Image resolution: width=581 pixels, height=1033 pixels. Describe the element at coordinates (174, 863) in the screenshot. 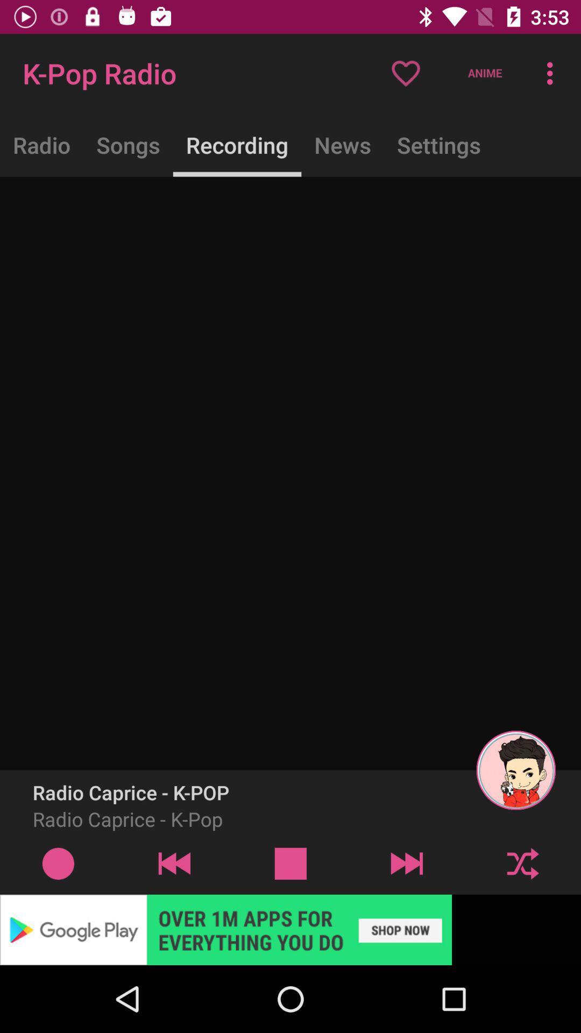

I see `previous button` at that location.